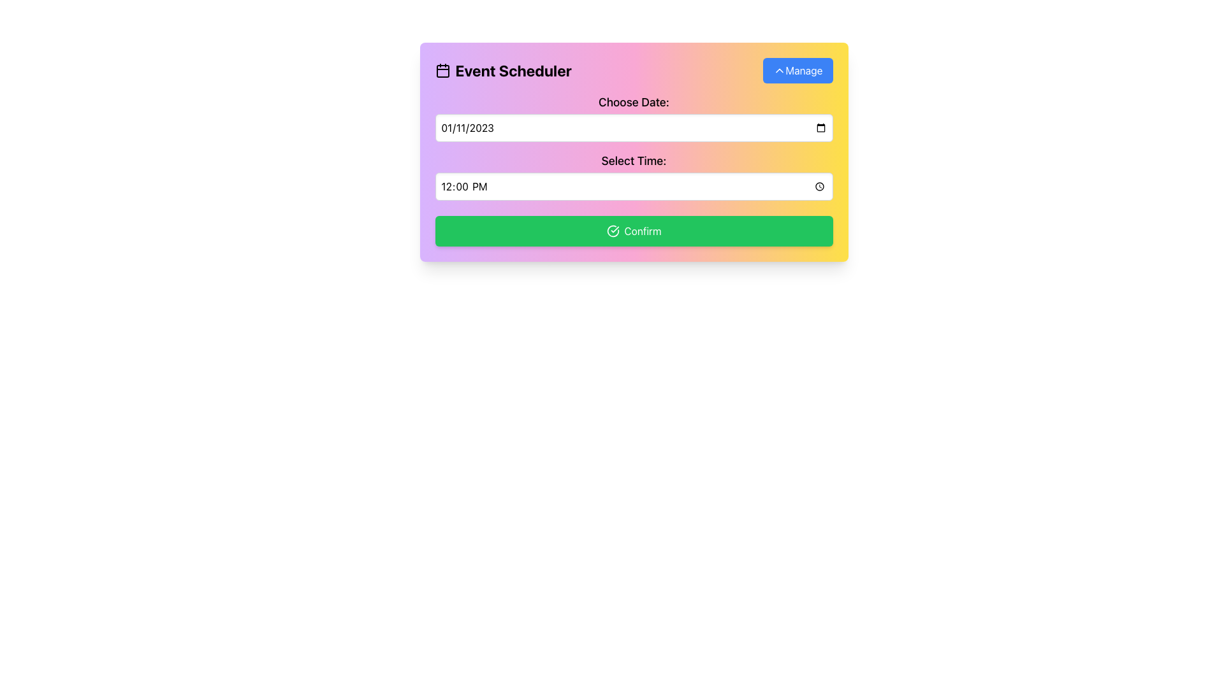 The height and width of the screenshot is (688, 1224). Describe the element at coordinates (634, 231) in the screenshot. I see `the 'Confirm' button with a vibrant green background and a white check-circle icon to visualize hover effects` at that location.